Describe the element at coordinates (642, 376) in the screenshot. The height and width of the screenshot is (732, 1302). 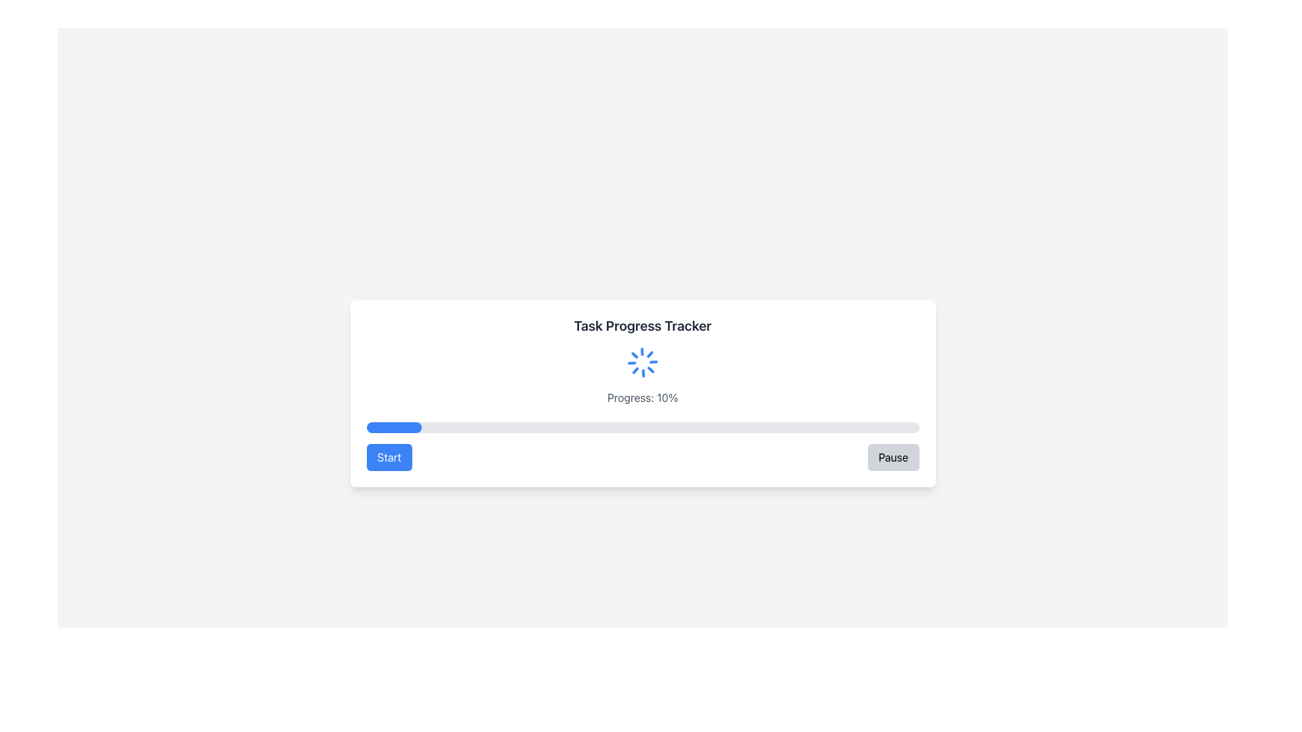
I see `the spinning loader component and the static text label indicating the progress state located below the heading 'Task Progress Tracker'` at that location.